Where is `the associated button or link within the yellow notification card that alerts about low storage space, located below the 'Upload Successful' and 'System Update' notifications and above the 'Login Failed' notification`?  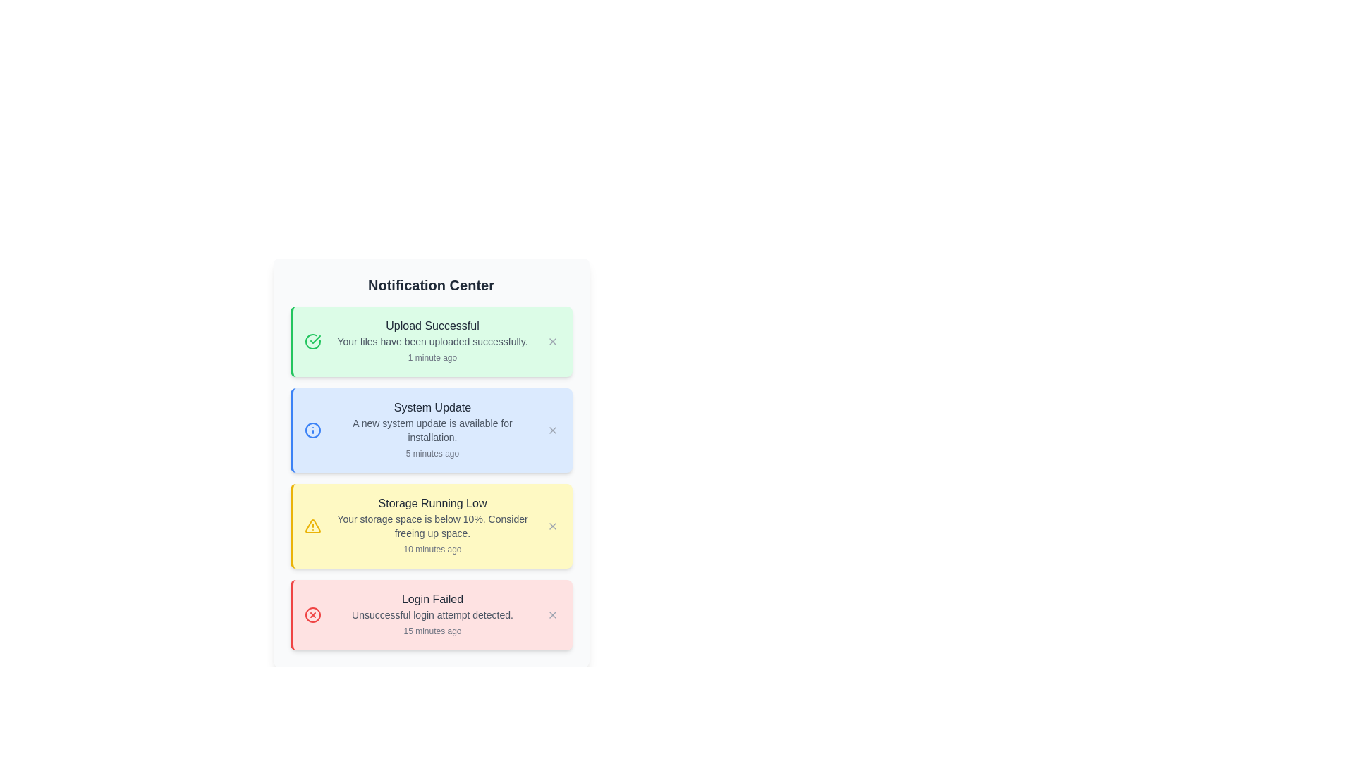 the associated button or link within the yellow notification card that alerts about low storage space, located below the 'Upload Successful' and 'System Update' notifications and above the 'Login Failed' notification is located at coordinates (432, 526).